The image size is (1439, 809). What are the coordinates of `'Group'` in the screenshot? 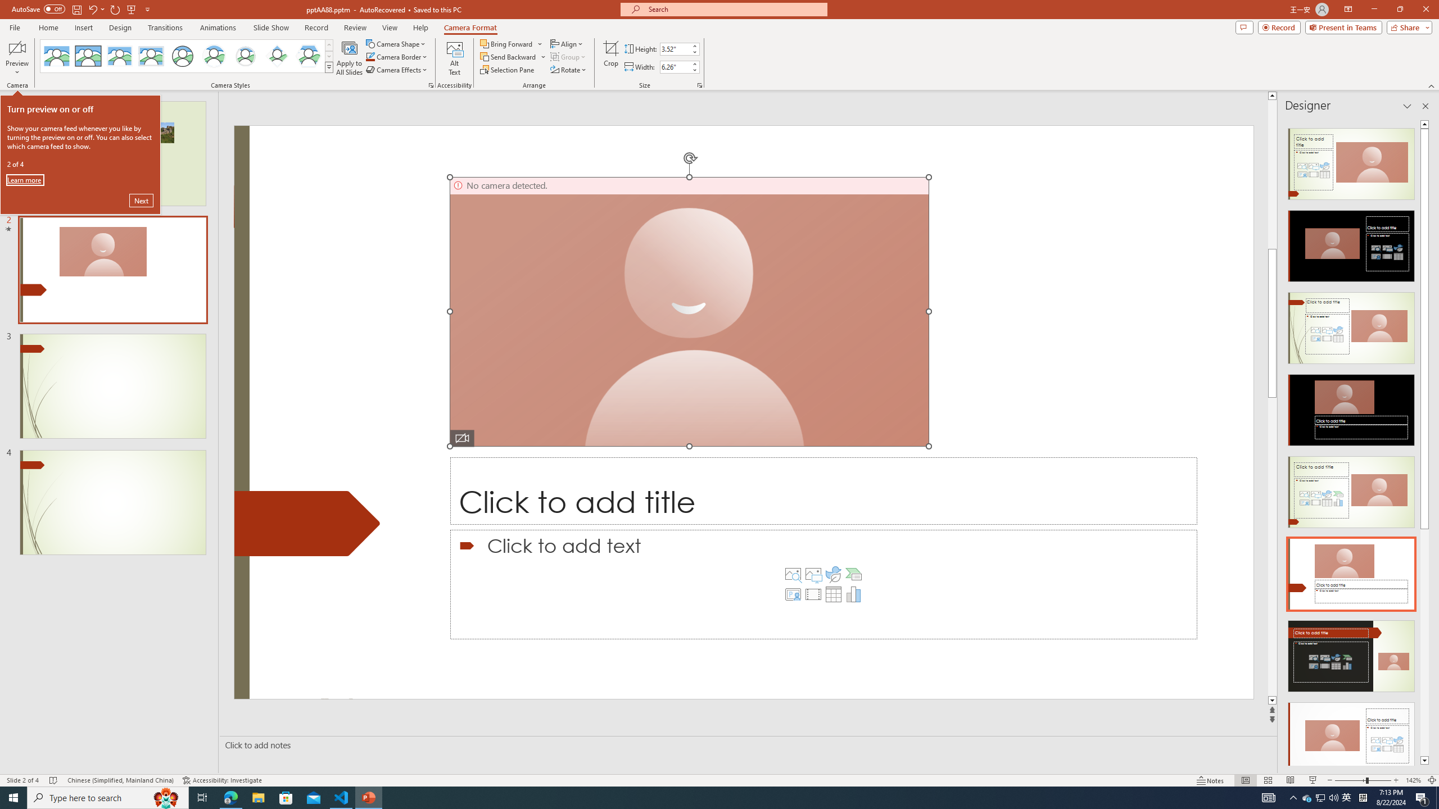 It's located at (568, 56).